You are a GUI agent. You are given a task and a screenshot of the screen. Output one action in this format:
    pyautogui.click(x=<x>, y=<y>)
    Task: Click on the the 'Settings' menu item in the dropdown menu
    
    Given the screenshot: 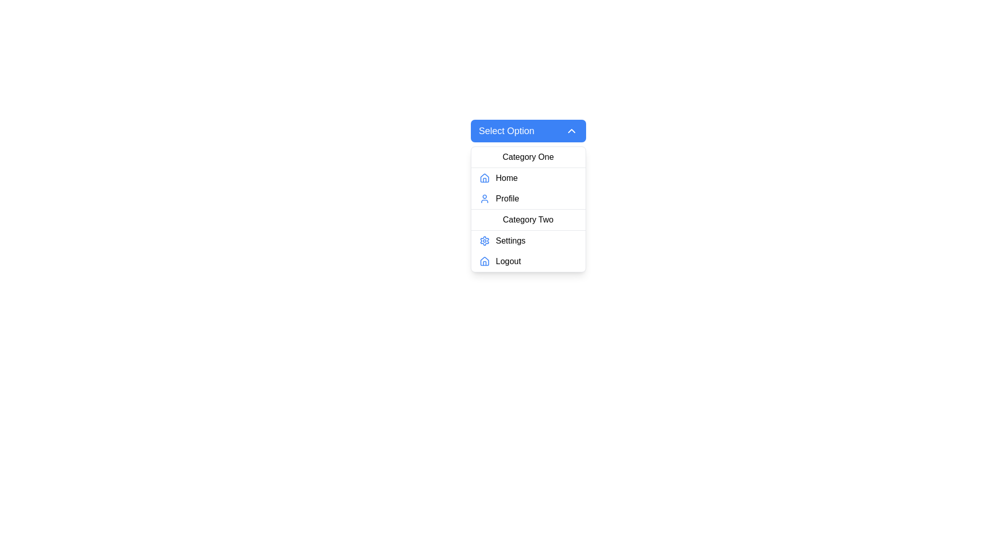 What is the action you would take?
    pyautogui.click(x=528, y=241)
    